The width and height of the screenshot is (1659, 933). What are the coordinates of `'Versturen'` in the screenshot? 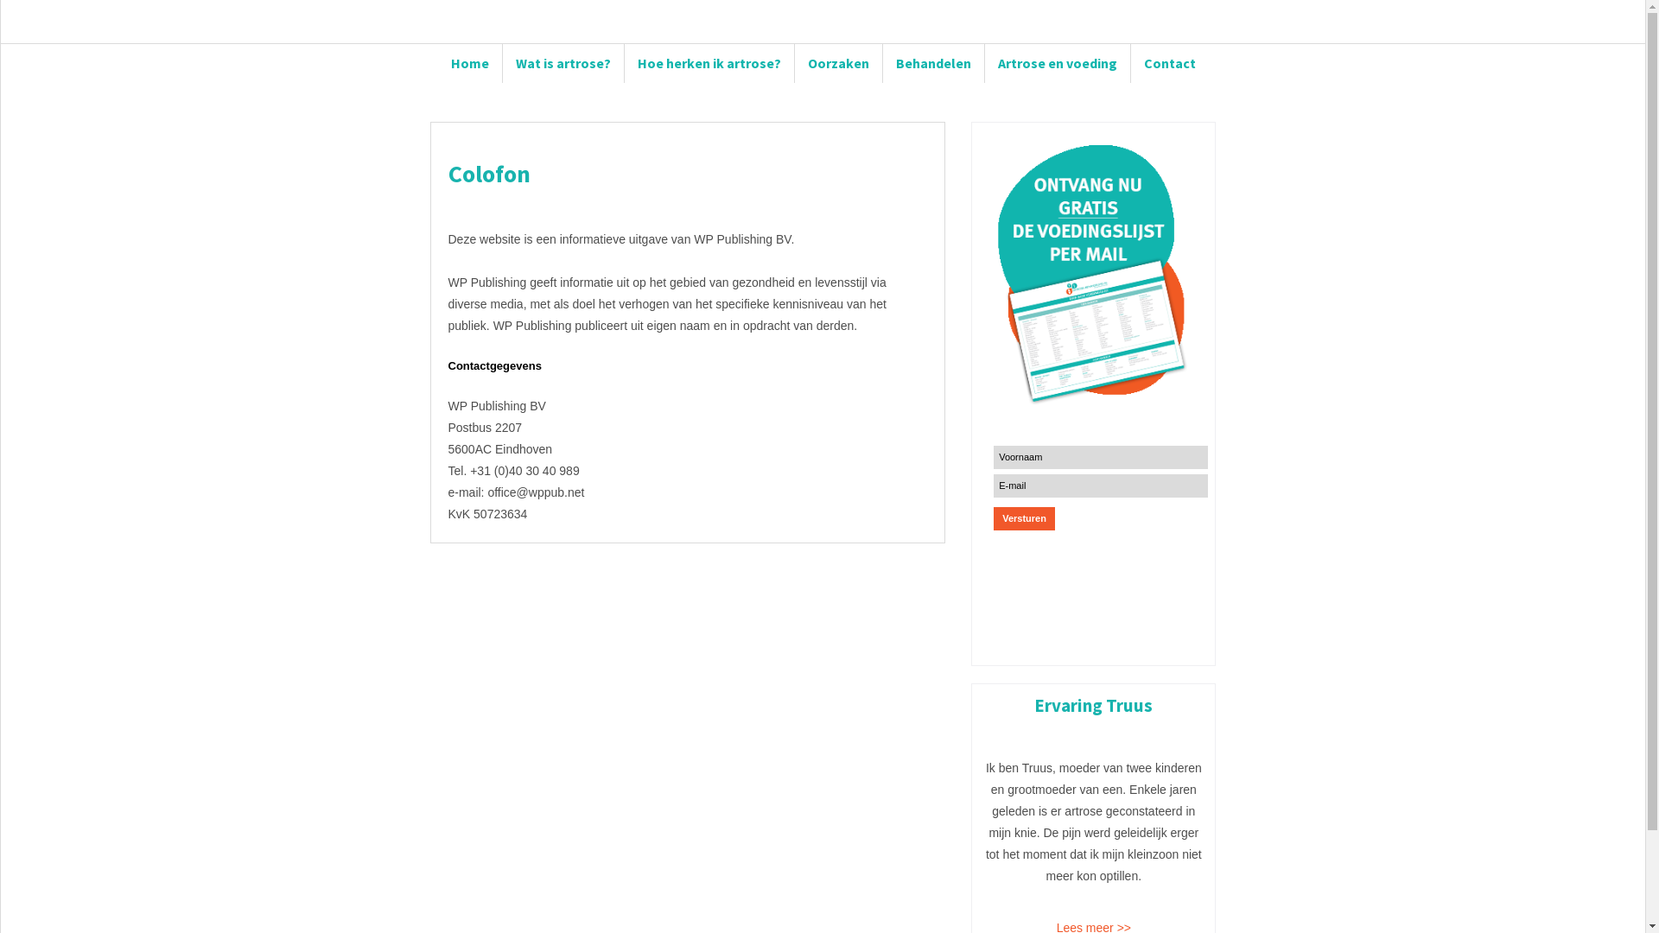 It's located at (1024, 517).